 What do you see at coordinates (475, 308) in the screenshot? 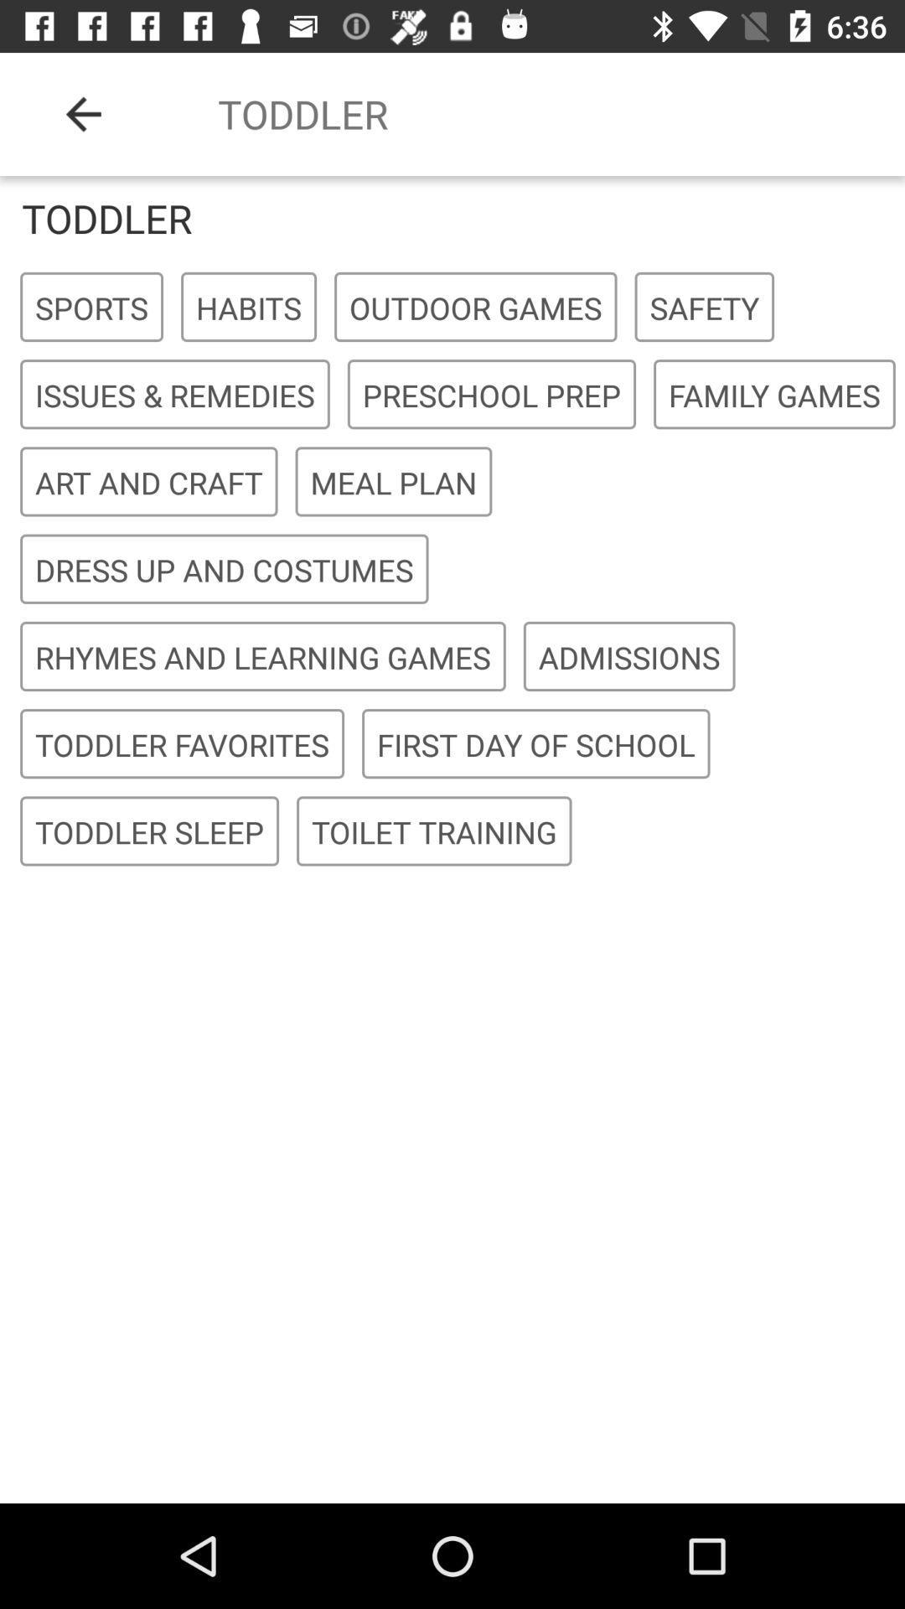
I see `item below the toddler` at bounding box center [475, 308].